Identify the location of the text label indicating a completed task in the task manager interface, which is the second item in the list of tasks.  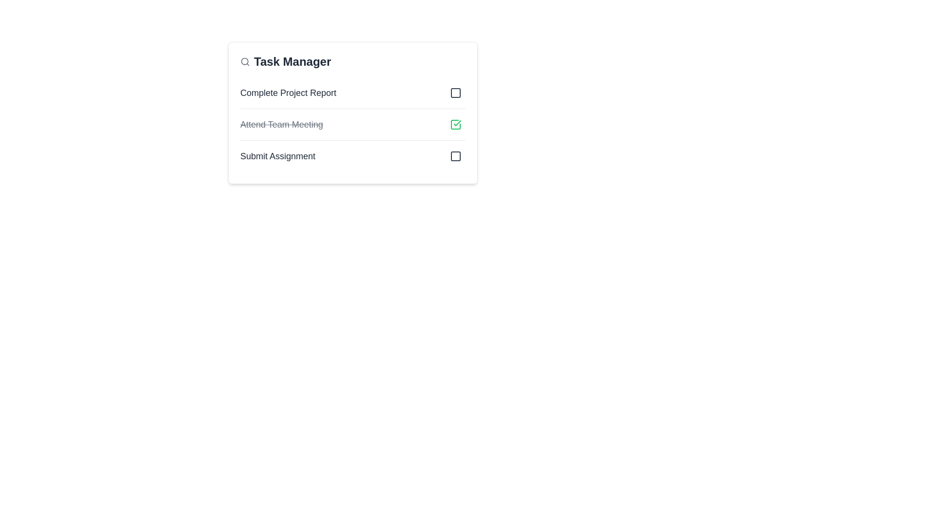
(281, 124).